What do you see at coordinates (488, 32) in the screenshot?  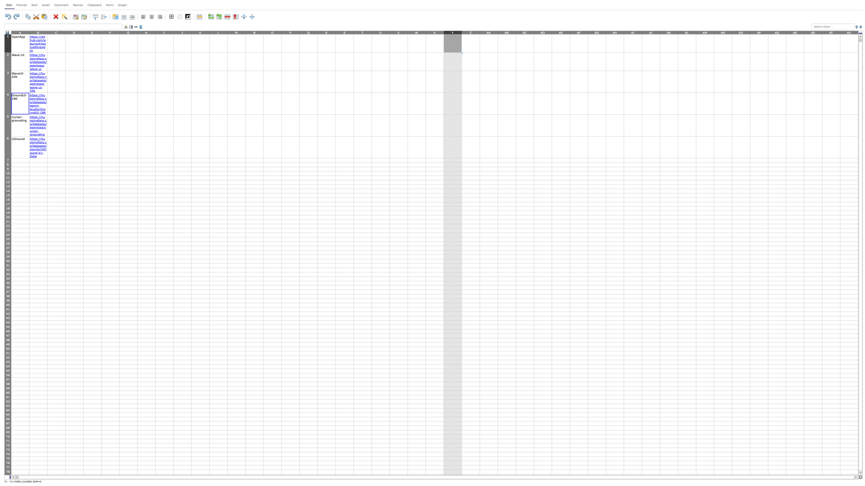 I see `Move cursor to column AA` at bounding box center [488, 32].